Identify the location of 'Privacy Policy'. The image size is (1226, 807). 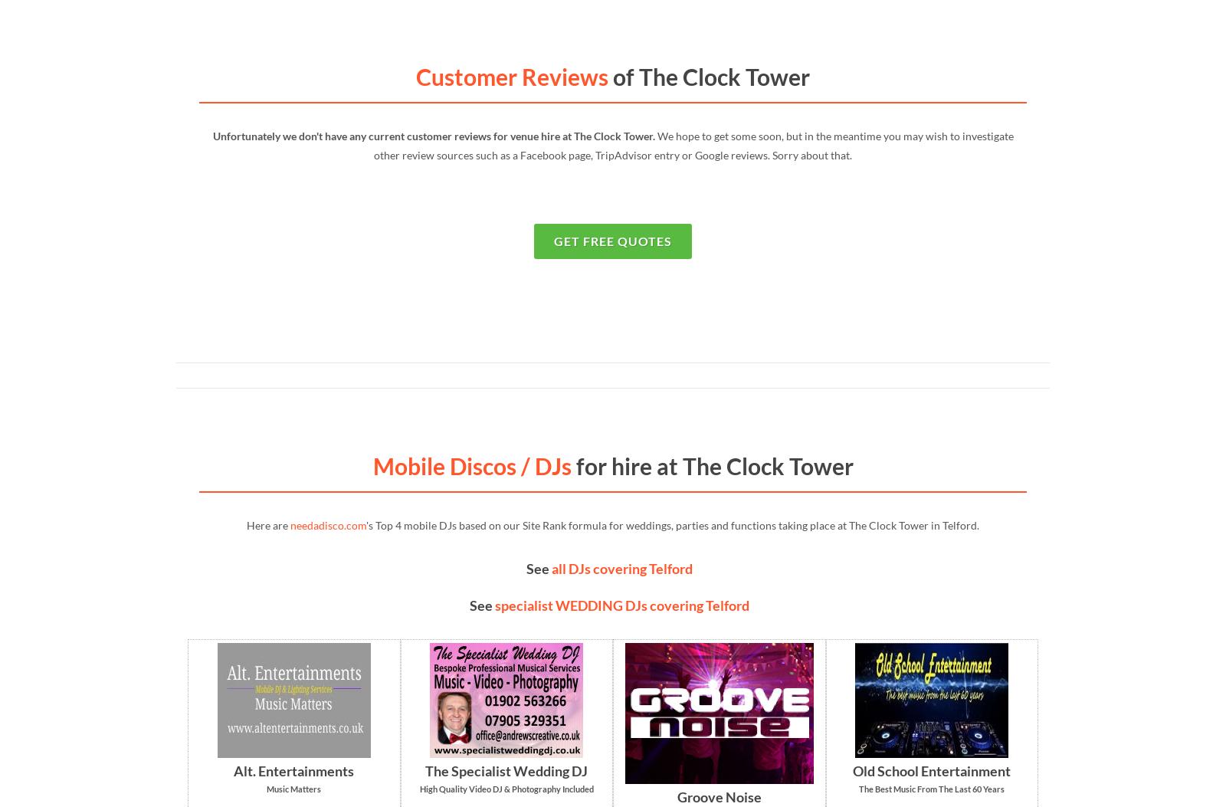
(284, 570).